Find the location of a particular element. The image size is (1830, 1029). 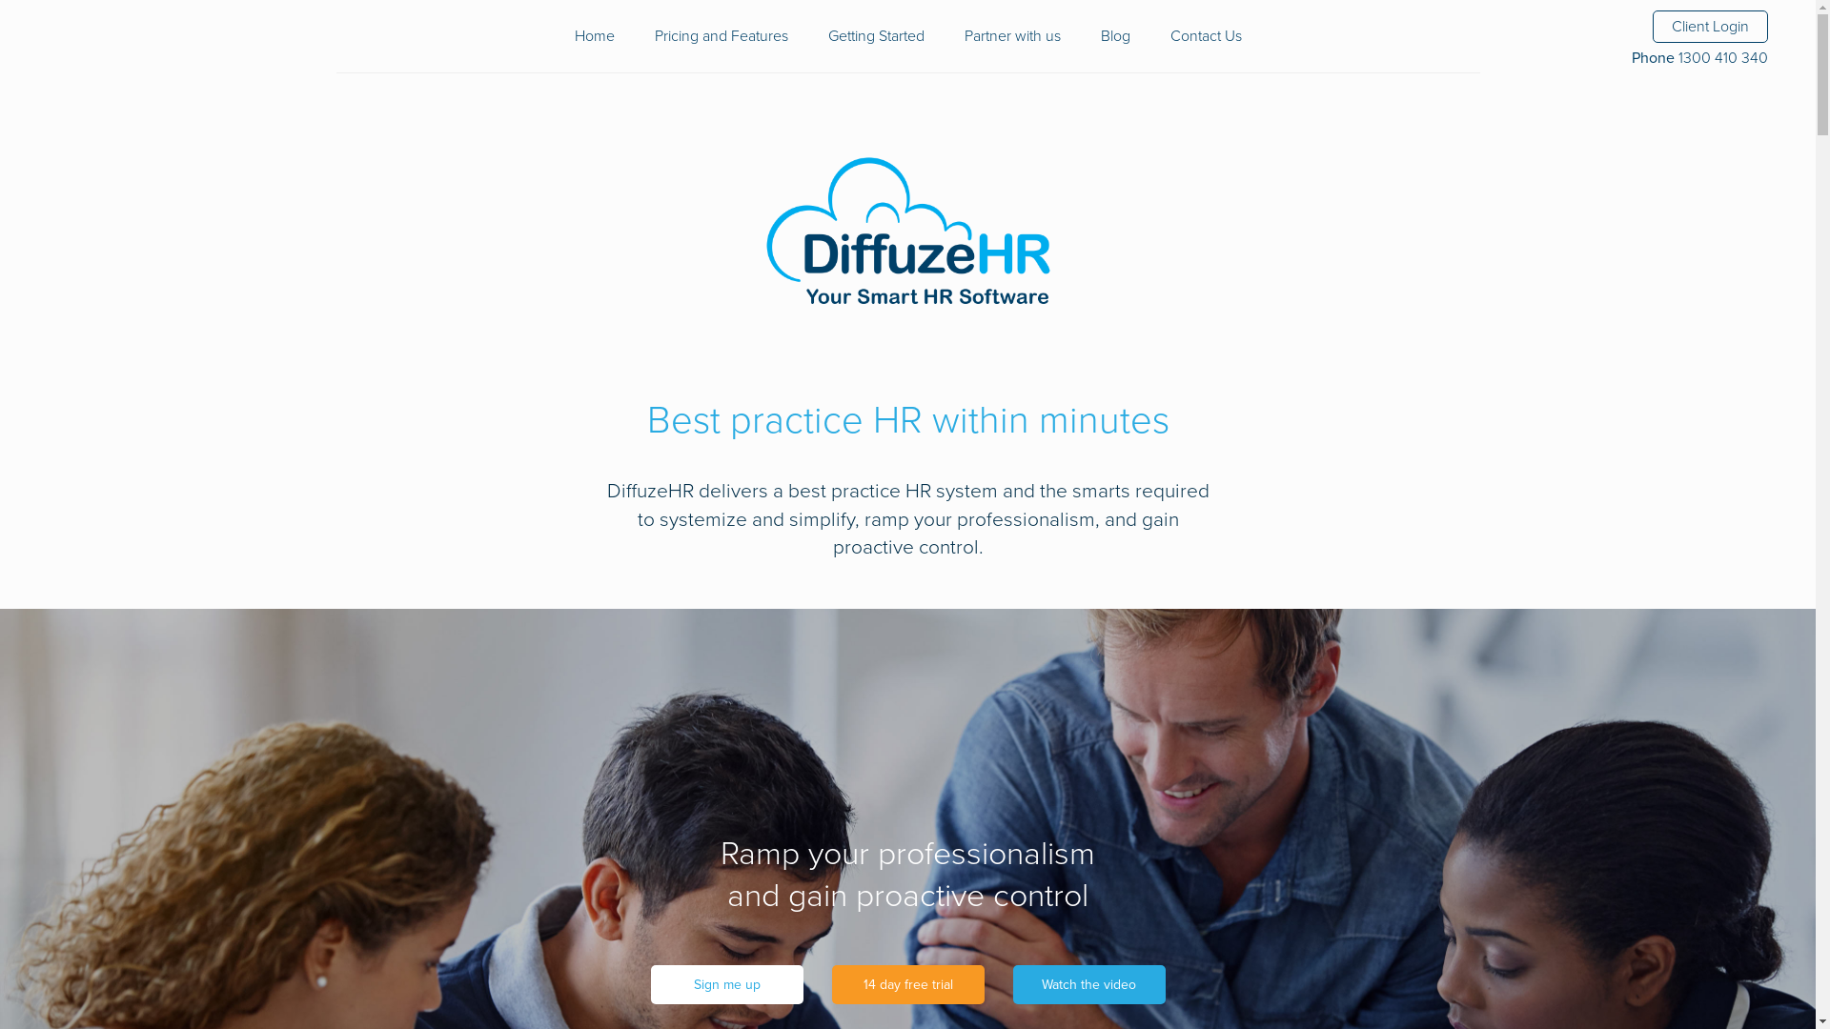

'DiffuzeHR Australia' is located at coordinates (905, 232).